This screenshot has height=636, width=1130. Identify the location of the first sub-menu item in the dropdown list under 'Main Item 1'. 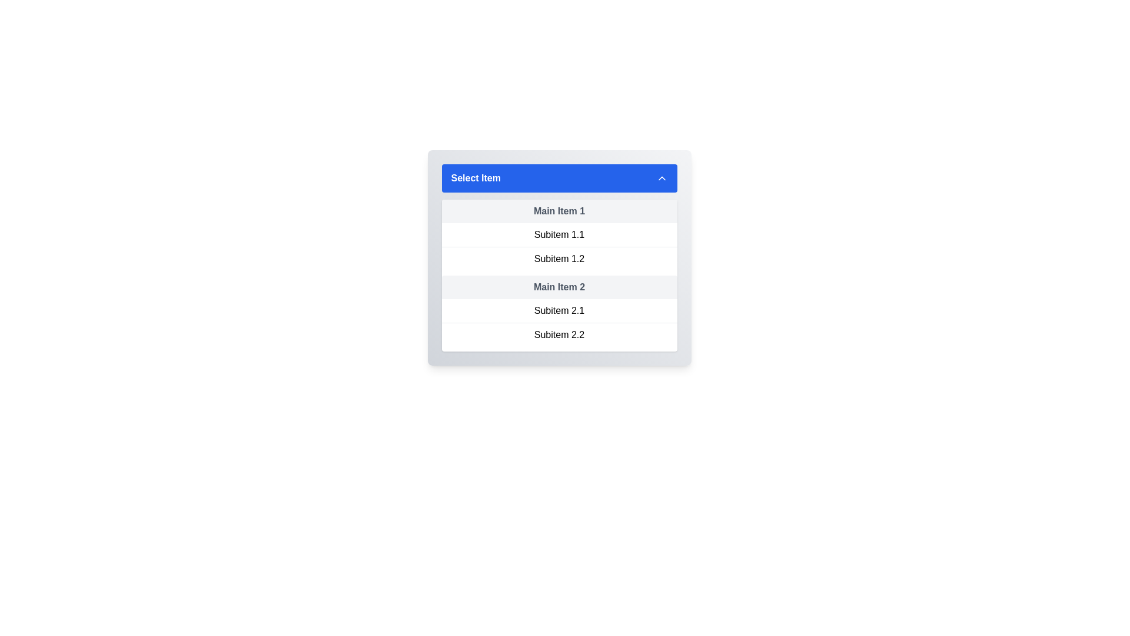
(559, 234).